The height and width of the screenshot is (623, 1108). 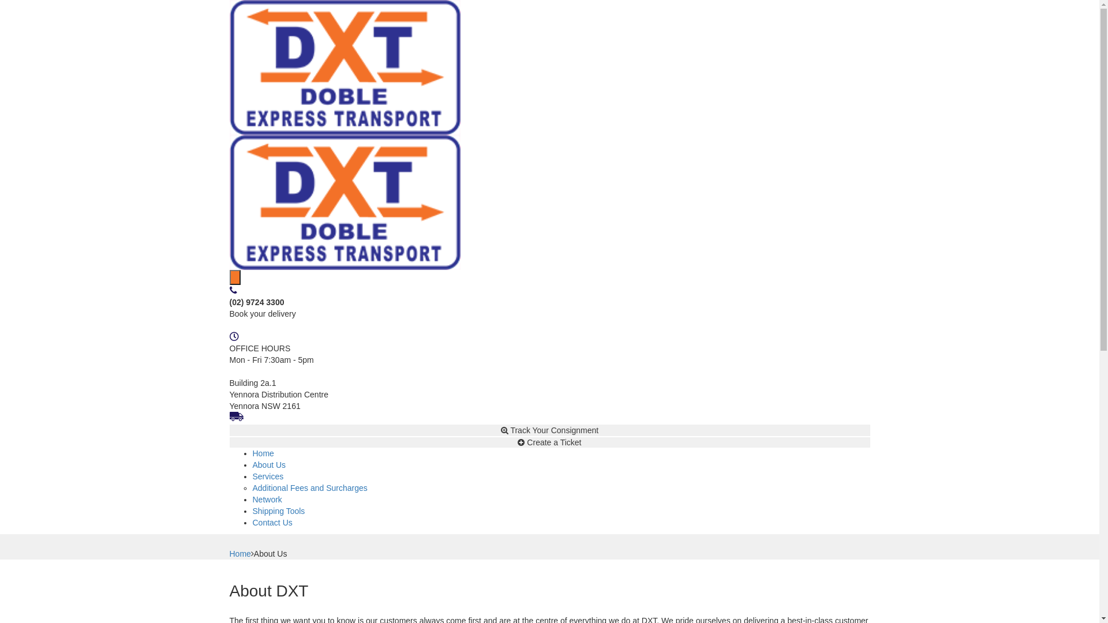 What do you see at coordinates (267, 499) in the screenshot?
I see `'Network'` at bounding box center [267, 499].